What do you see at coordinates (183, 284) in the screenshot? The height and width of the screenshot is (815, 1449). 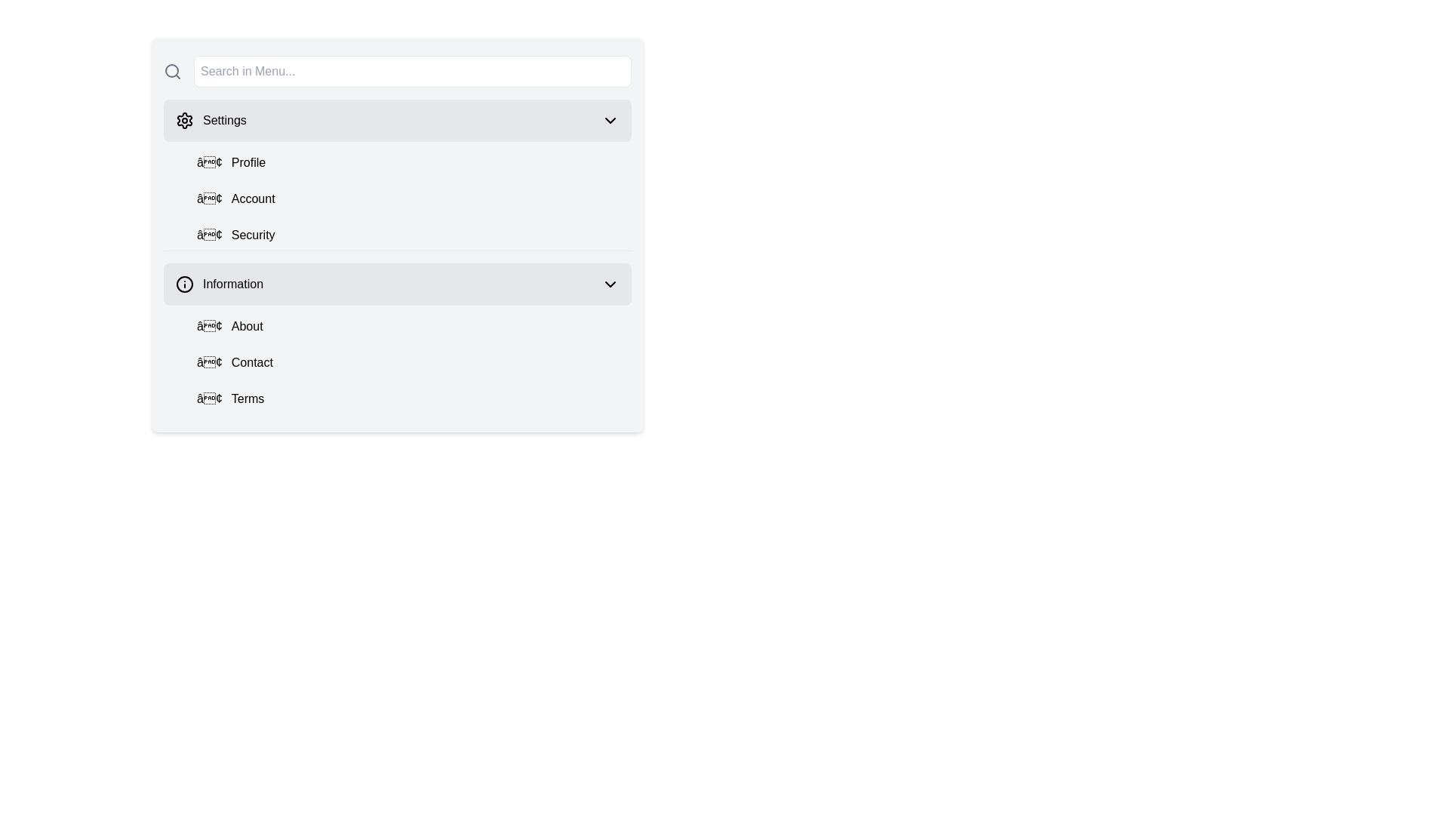 I see `the information icon (SVG graphic) located to the left of the 'Information' list item in the sidebar menu` at bounding box center [183, 284].